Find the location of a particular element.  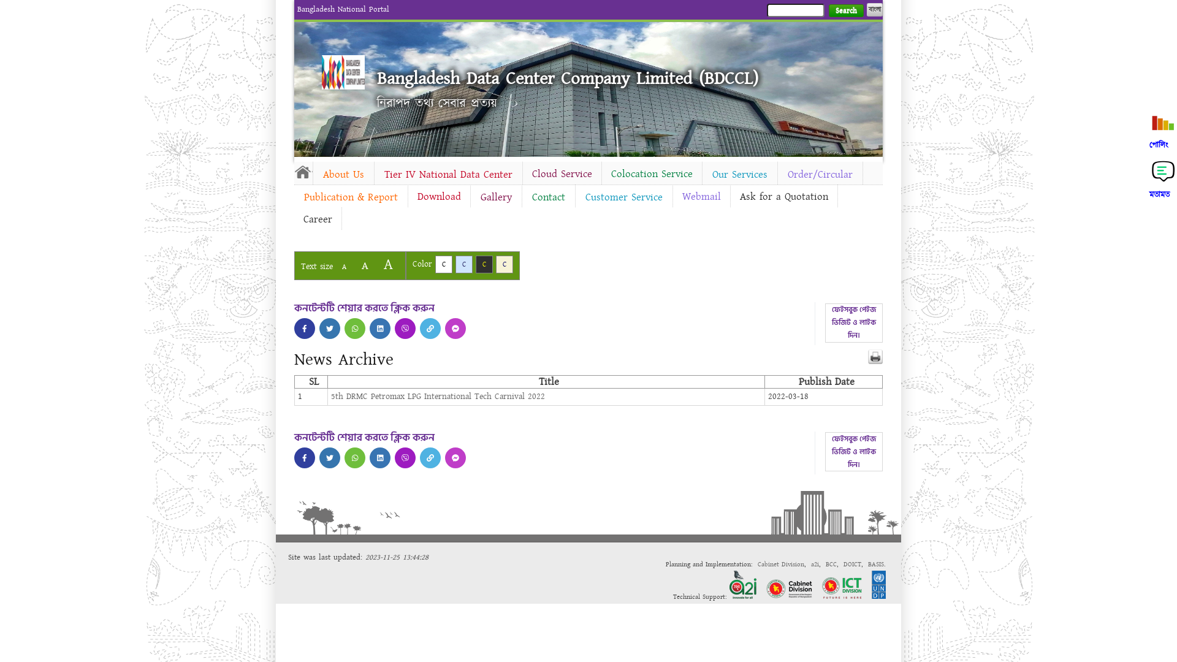

'A' is located at coordinates (364, 265).